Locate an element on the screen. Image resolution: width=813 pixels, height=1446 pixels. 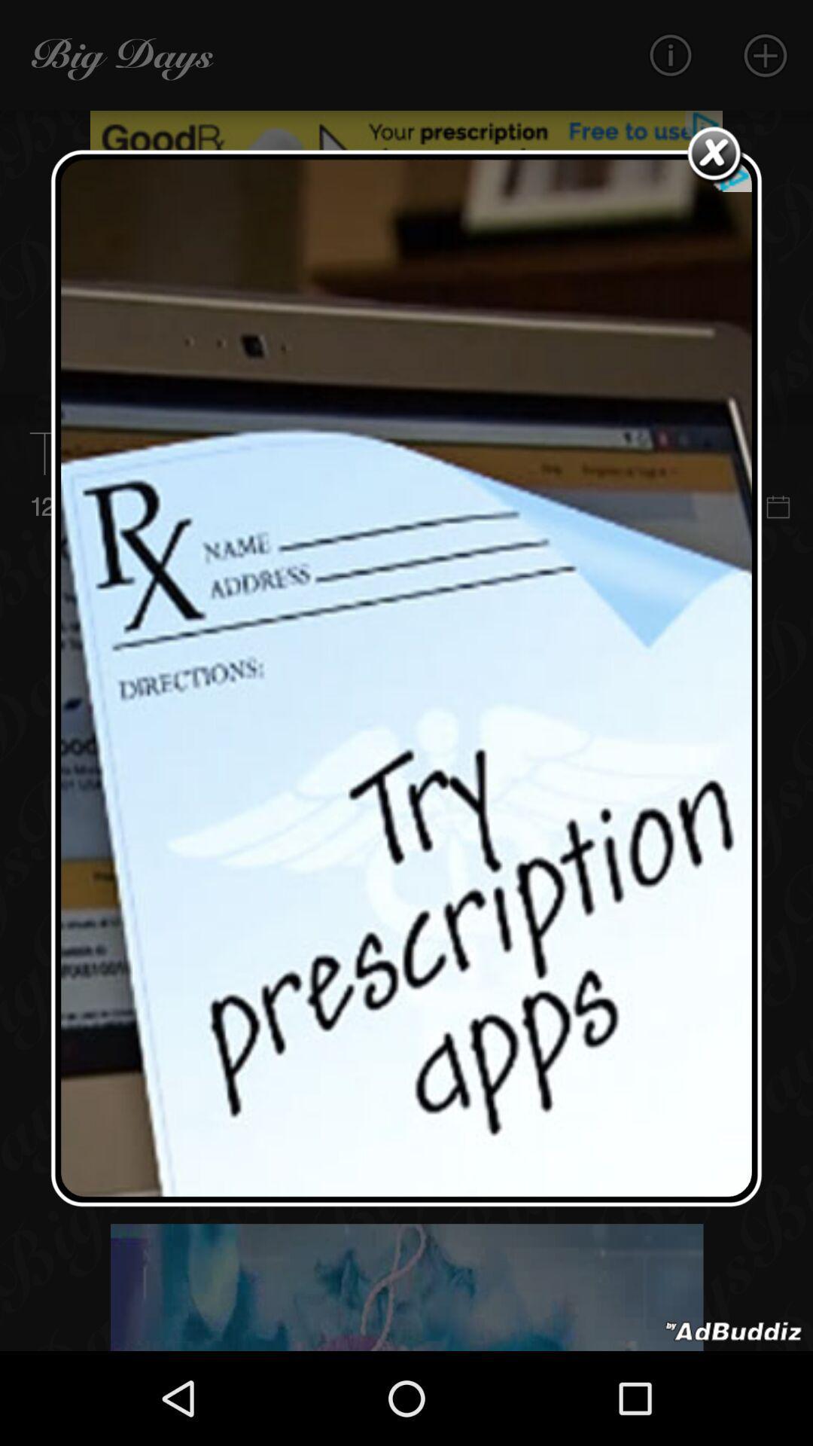
click on advertisements is located at coordinates (406, 677).